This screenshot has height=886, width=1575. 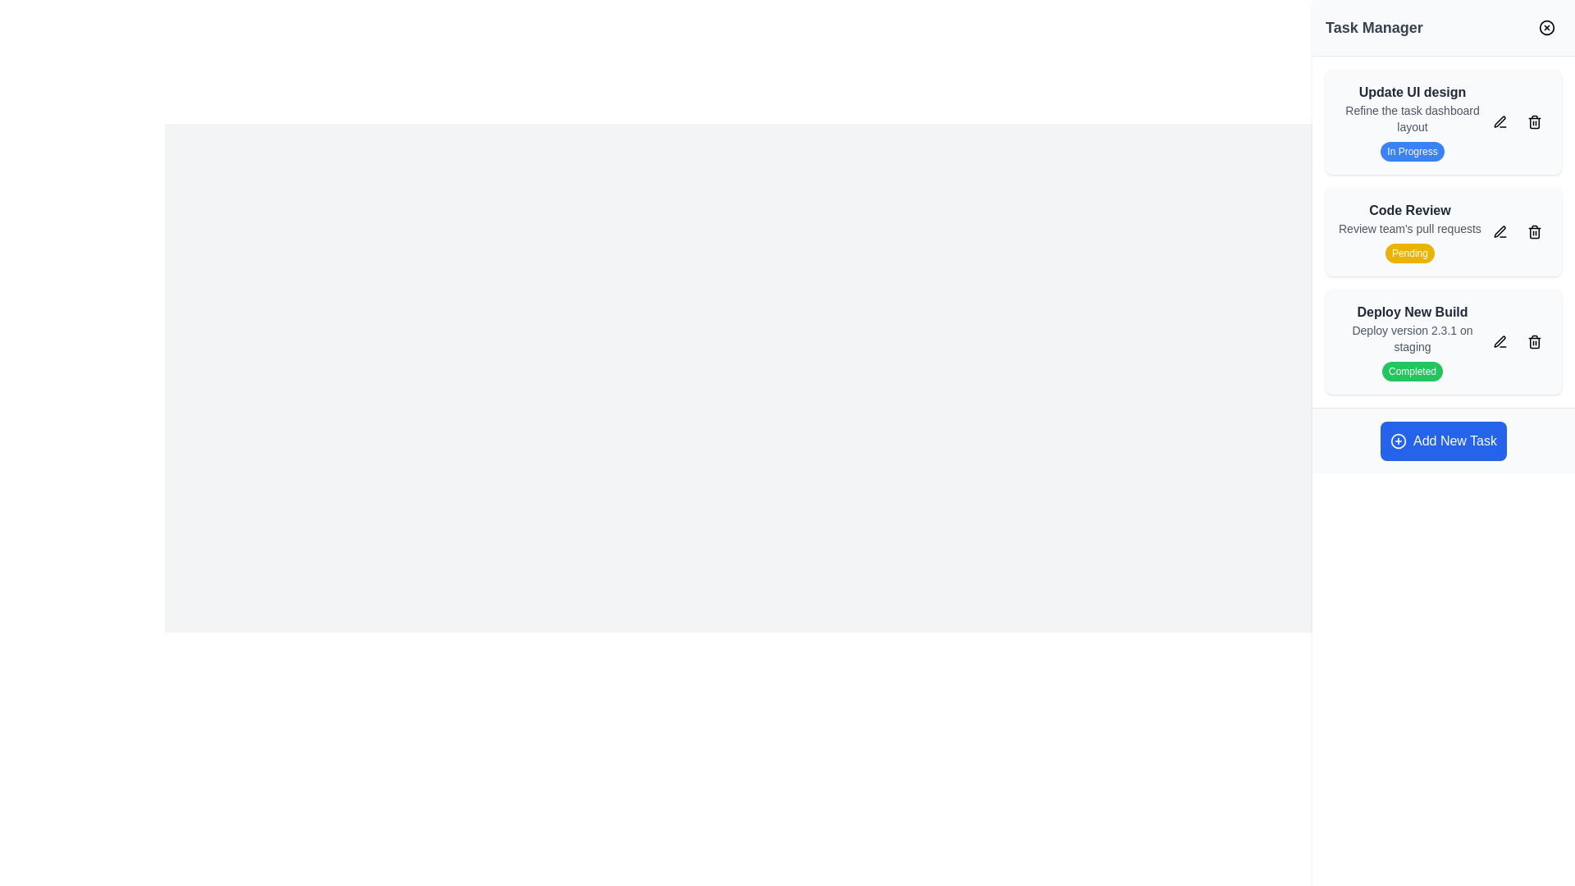 I want to click on the edit icon located to the right of the 'Code Review' task block title, so click(x=1500, y=231).